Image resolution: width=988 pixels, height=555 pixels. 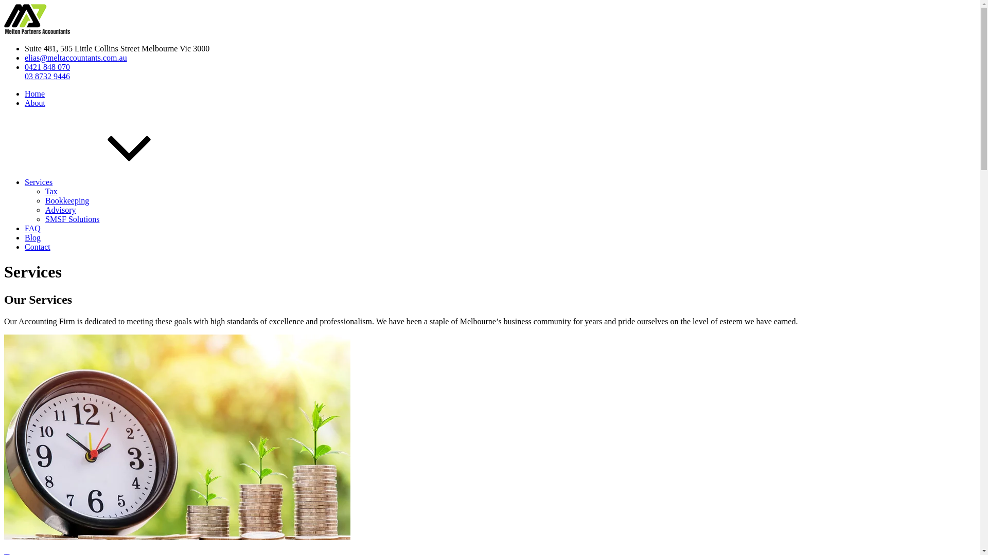 What do you see at coordinates (34, 94) in the screenshot?
I see `'Home'` at bounding box center [34, 94].